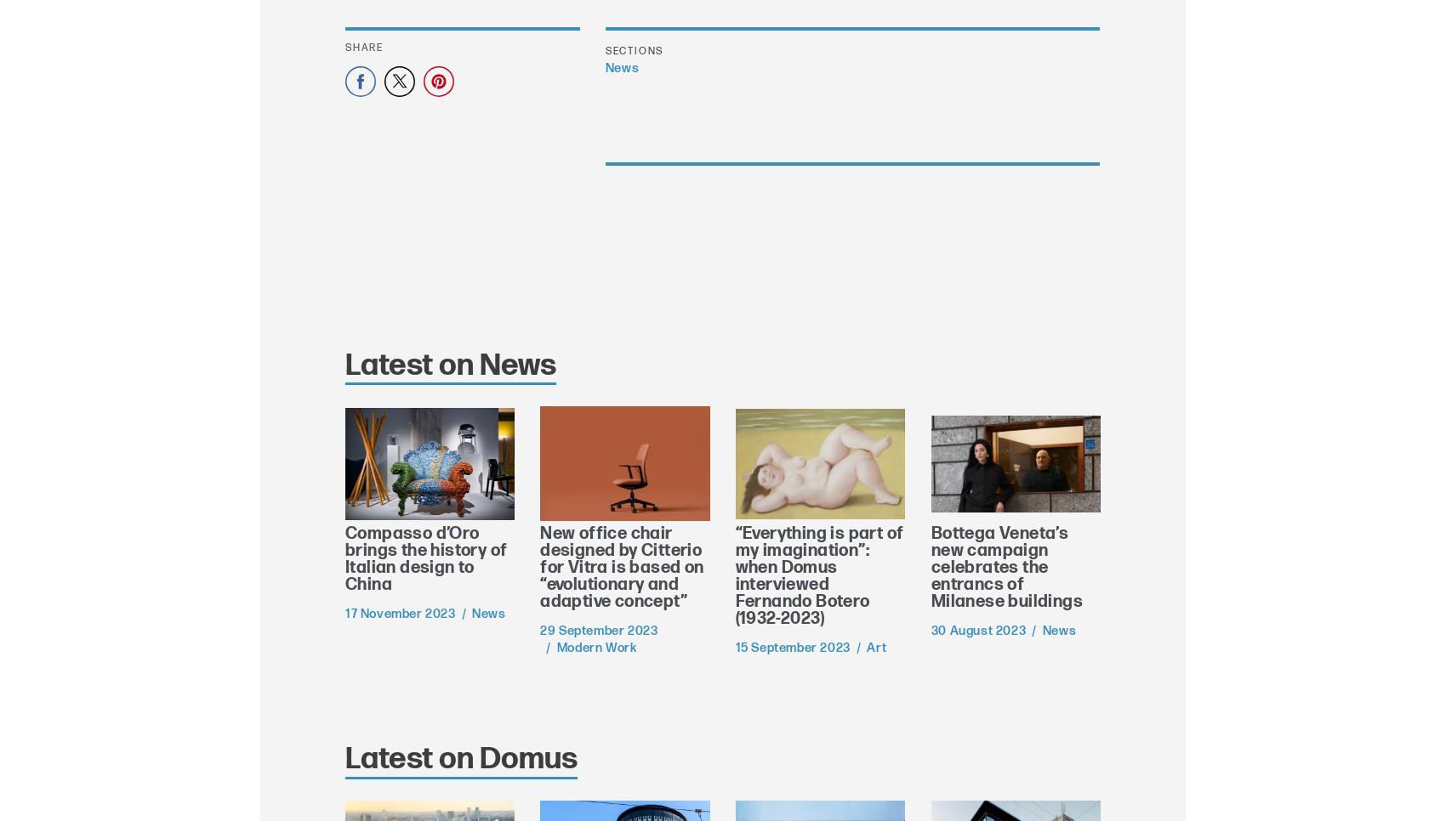 Image resolution: width=1446 pixels, height=821 pixels. Describe the element at coordinates (344, 559) in the screenshot. I see `'Compasso d’Oro brings the history of Italian design to China'` at that location.